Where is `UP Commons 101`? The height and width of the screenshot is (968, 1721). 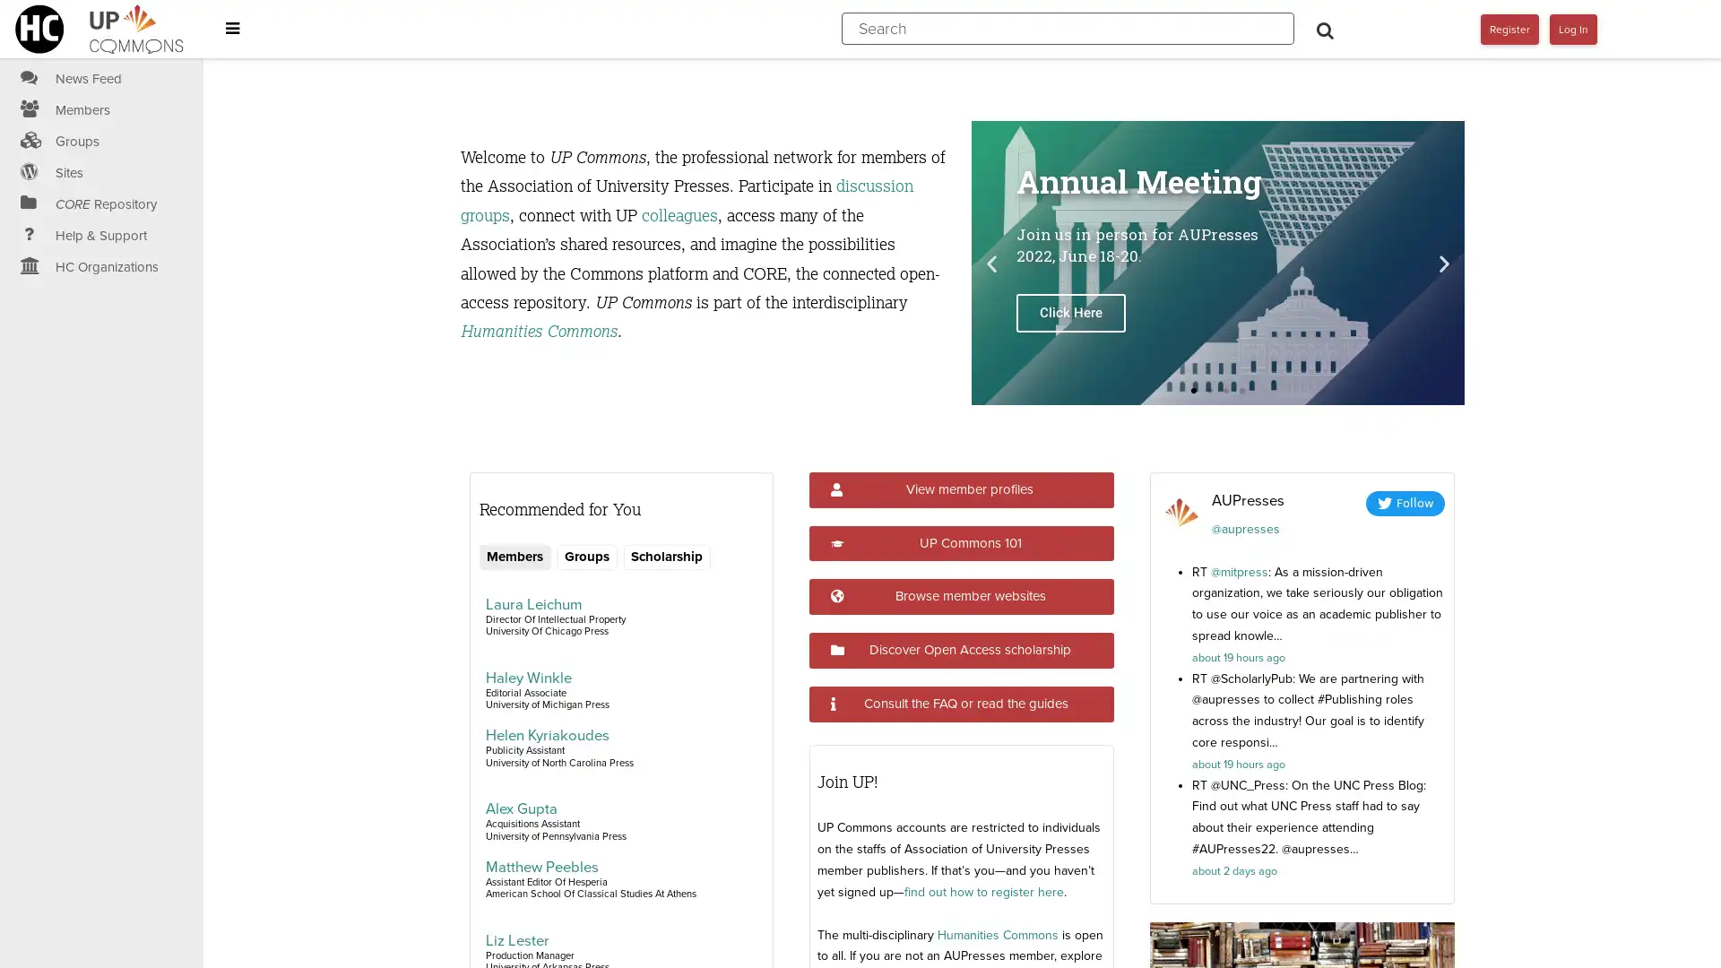 UP Commons 101 is located at coordinates (961, 542).